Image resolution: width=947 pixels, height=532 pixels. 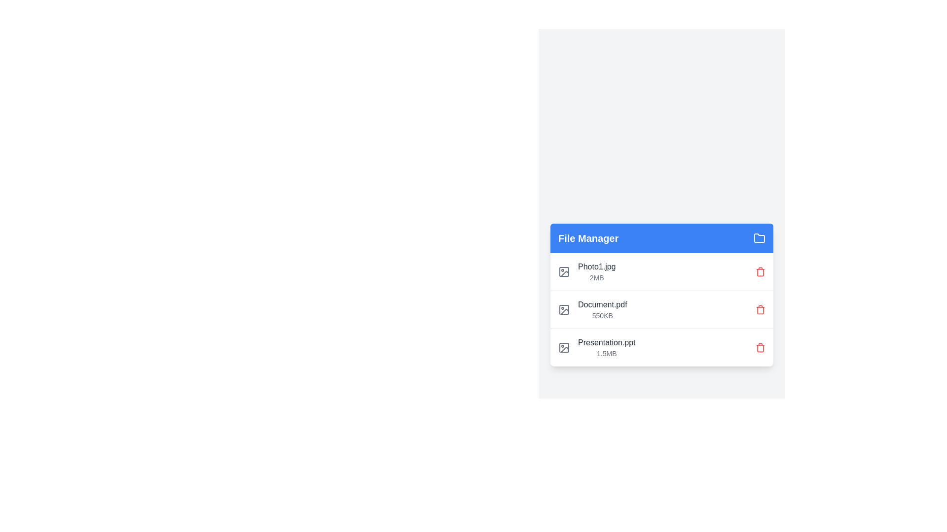 What do you see at coordinates (759, 238) in the screenshot?
I see `the small blue folder-shaped icon located in the top-right corner of the 'File Manager' section` at bounding box center [759, 238].